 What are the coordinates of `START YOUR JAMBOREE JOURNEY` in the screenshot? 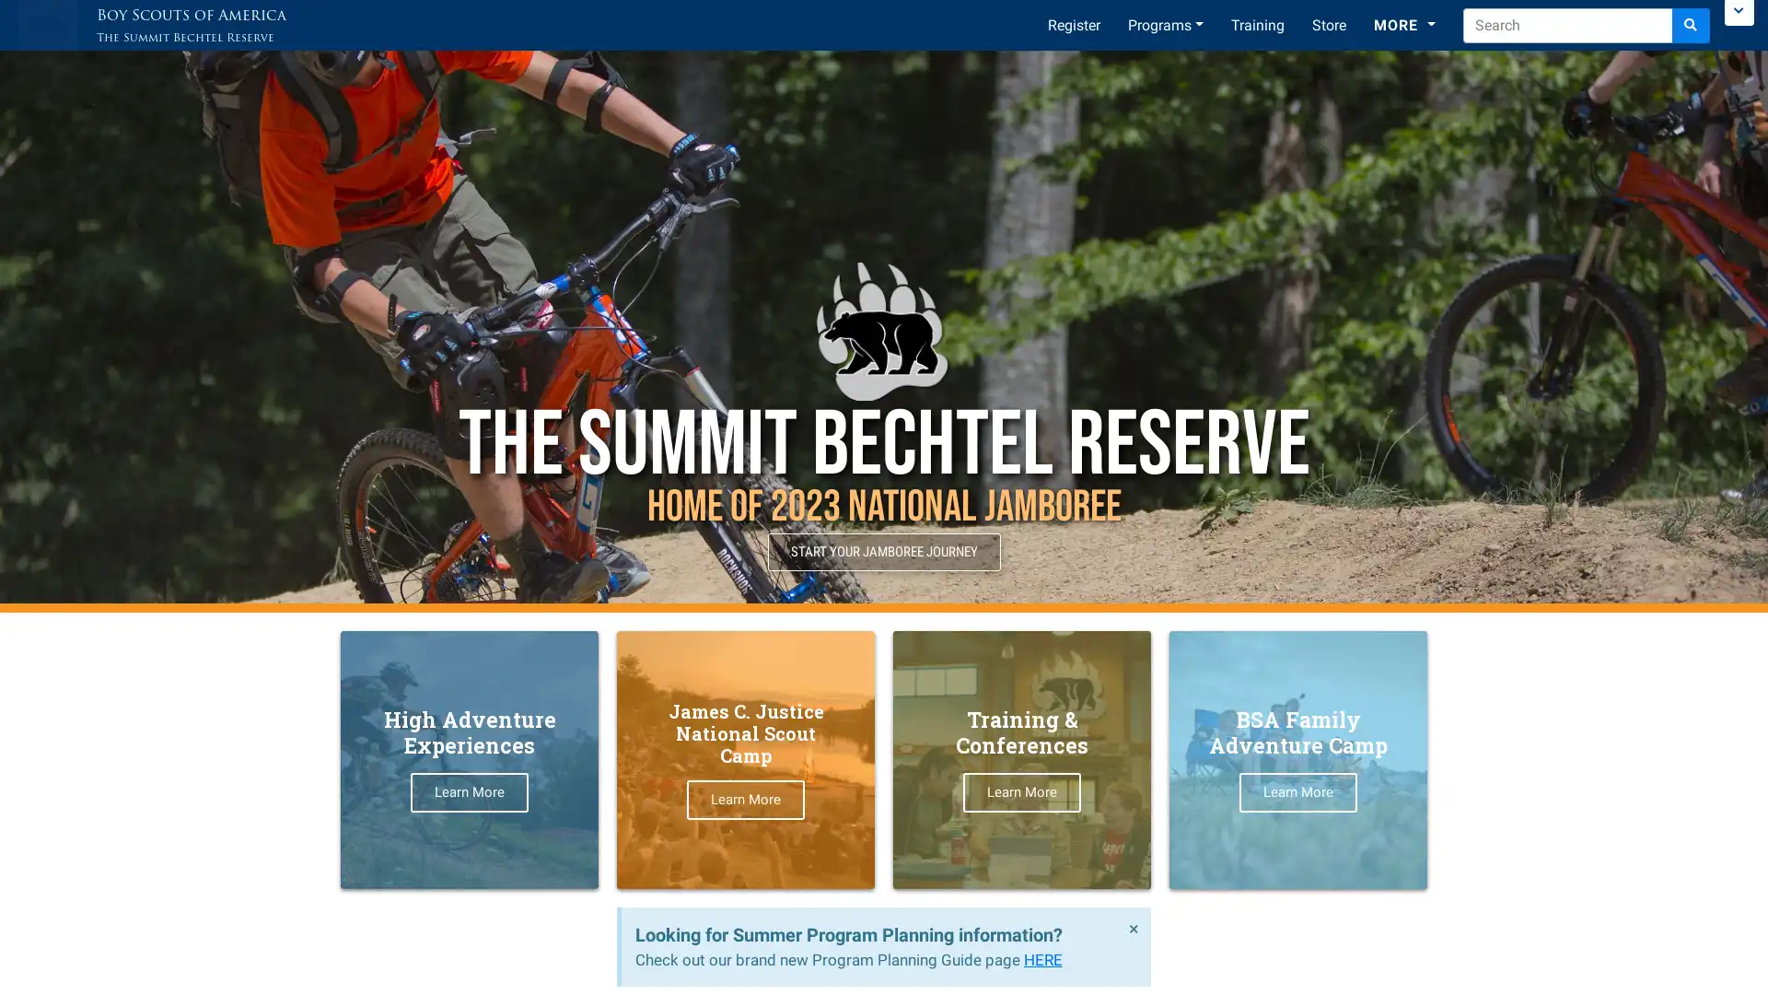 It's located at (882, 551).